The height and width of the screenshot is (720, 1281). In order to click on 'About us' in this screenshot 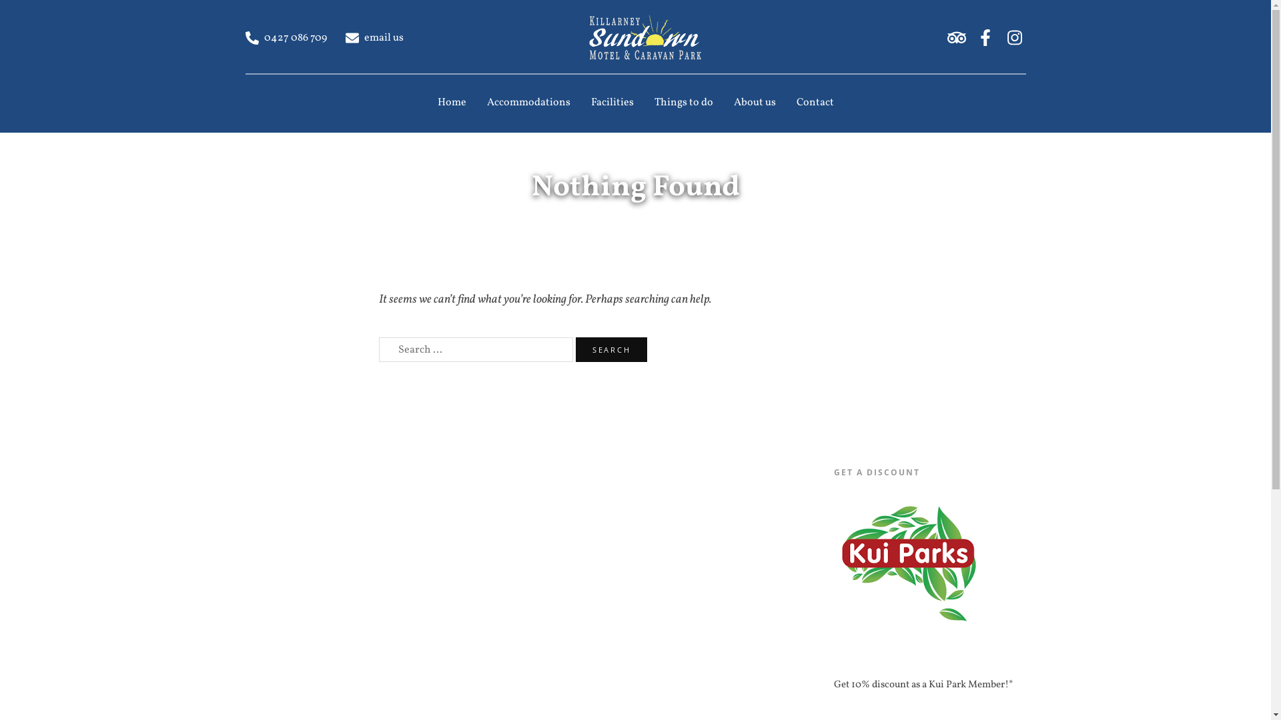, I will do `click(755, 102)`.